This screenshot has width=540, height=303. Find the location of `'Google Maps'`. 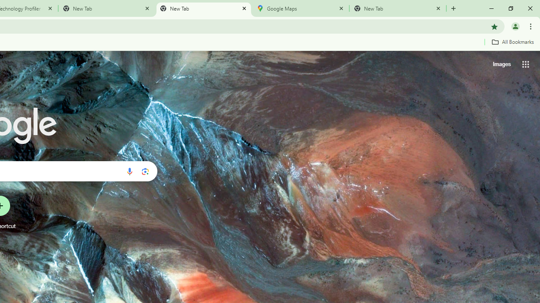

'Google Maps' is located at coordinates (300, 8).